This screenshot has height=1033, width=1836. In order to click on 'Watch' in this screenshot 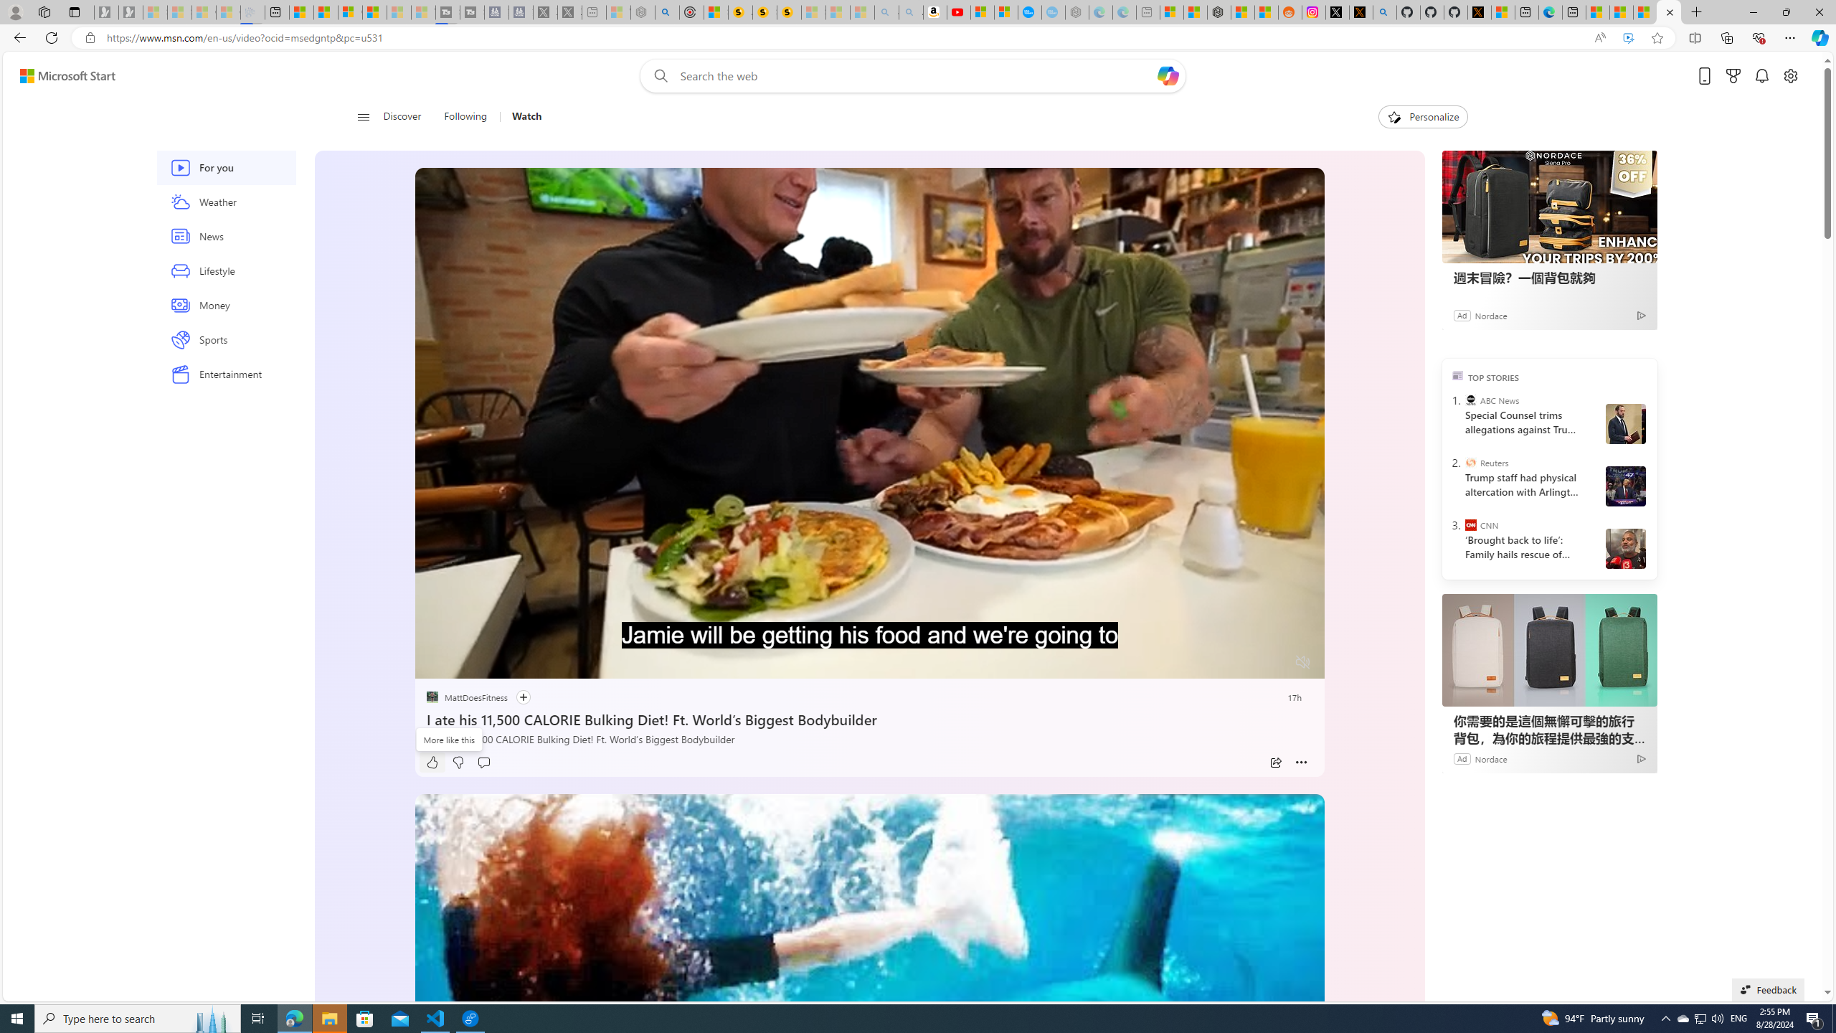, I will do `click(520, 116)`.